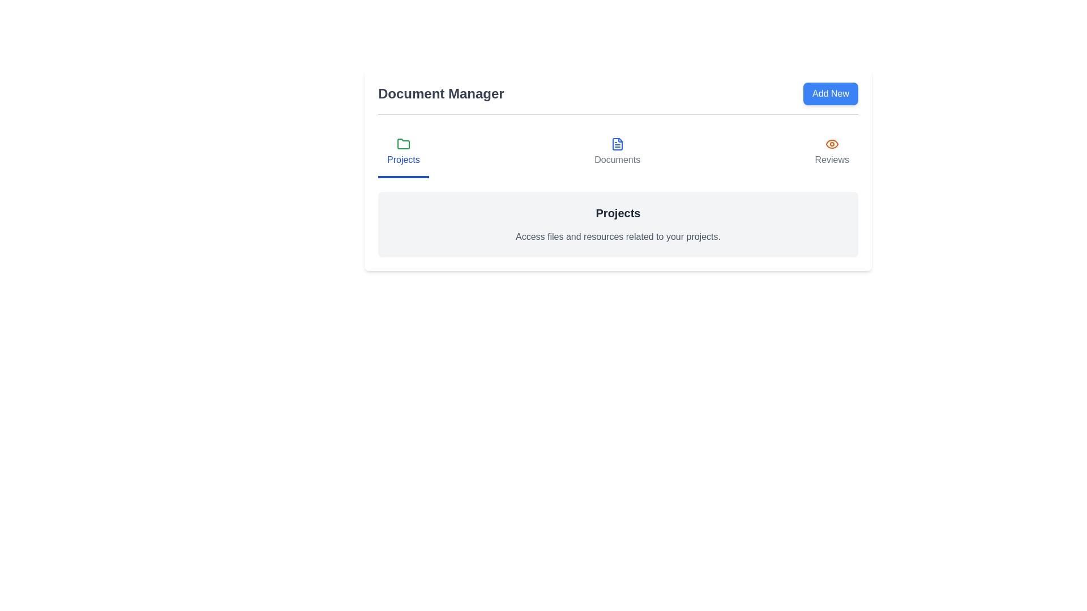 The image size is (1087, 611). I want to click on the Projects tab by clicking on its icon, so click(403, 153).